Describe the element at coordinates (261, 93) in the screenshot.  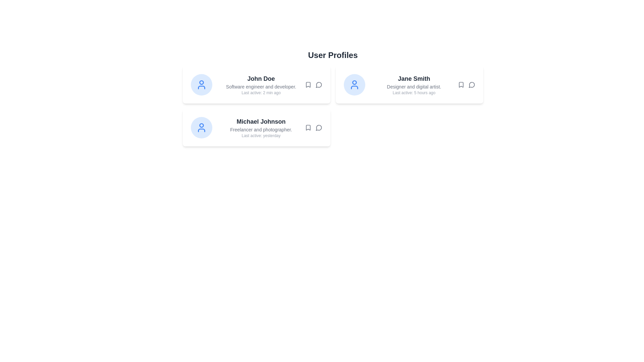
I see `the text label displaying the last active time for the profile associated with John Doe, located in the top-right profile card` at that location.